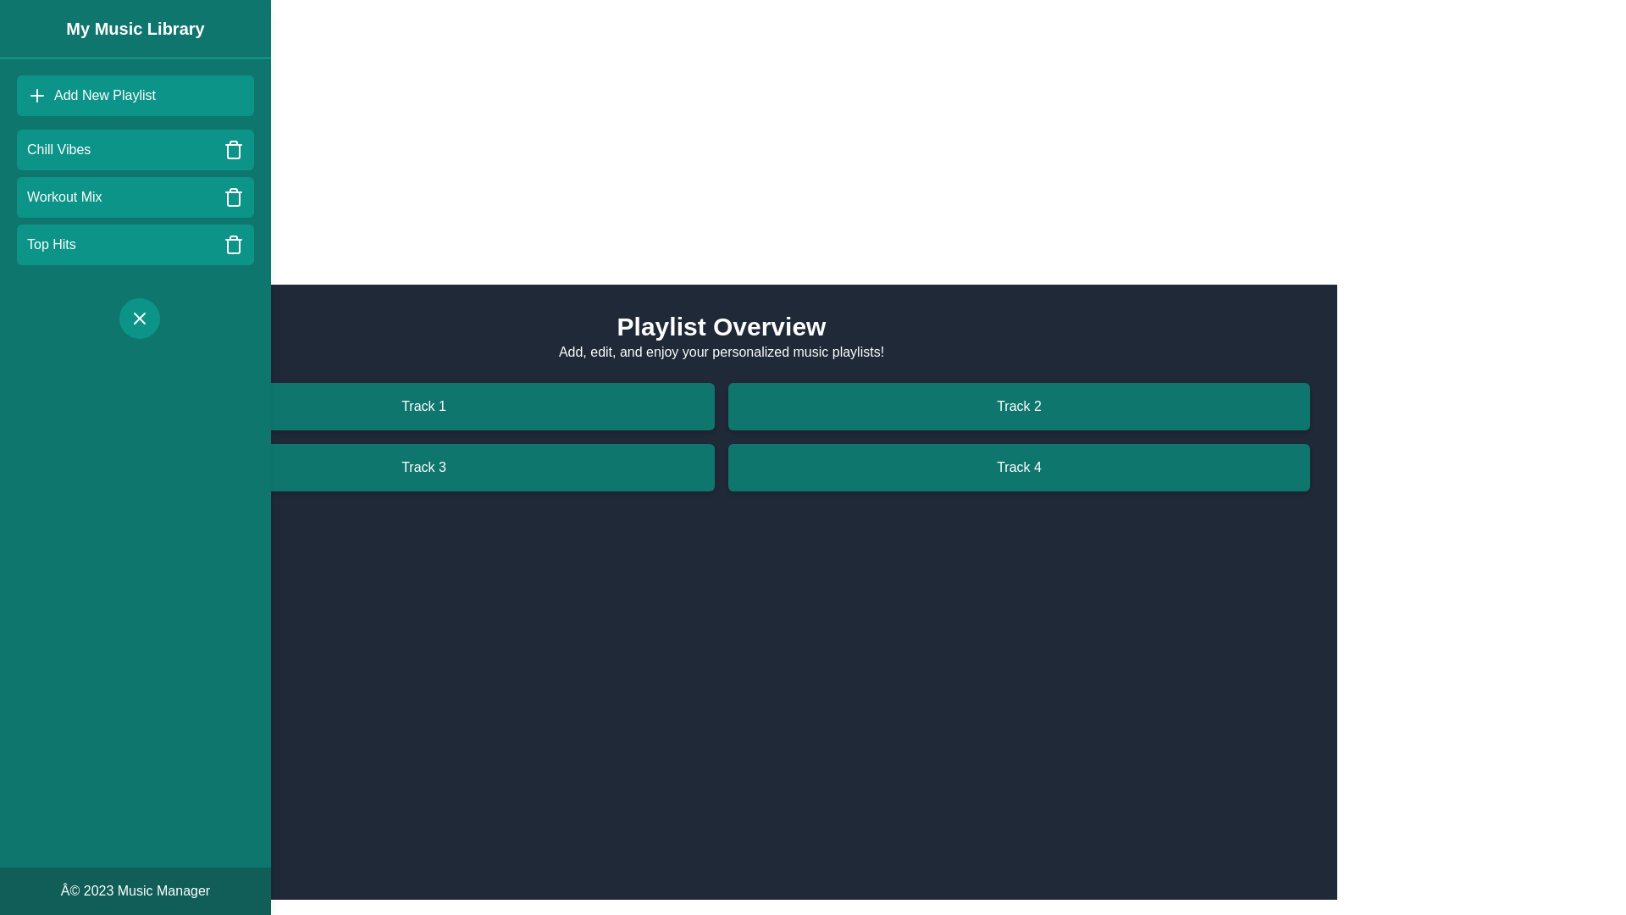  Describe the element at coordinates (232, 149) in the screenshot. I see `the Delete icon located to the far right of the 'Chill Vibes' playlist` at that location.